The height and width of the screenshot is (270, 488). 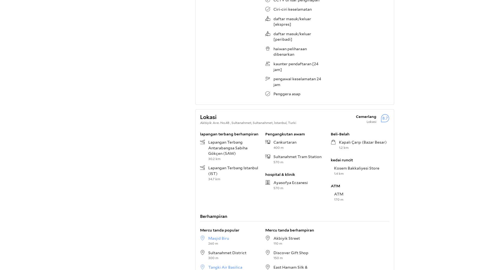 What do you see at coordinates (200, 216) in the screenshot?
I see `'Berhampiran'` at bounding box center [200, 216].